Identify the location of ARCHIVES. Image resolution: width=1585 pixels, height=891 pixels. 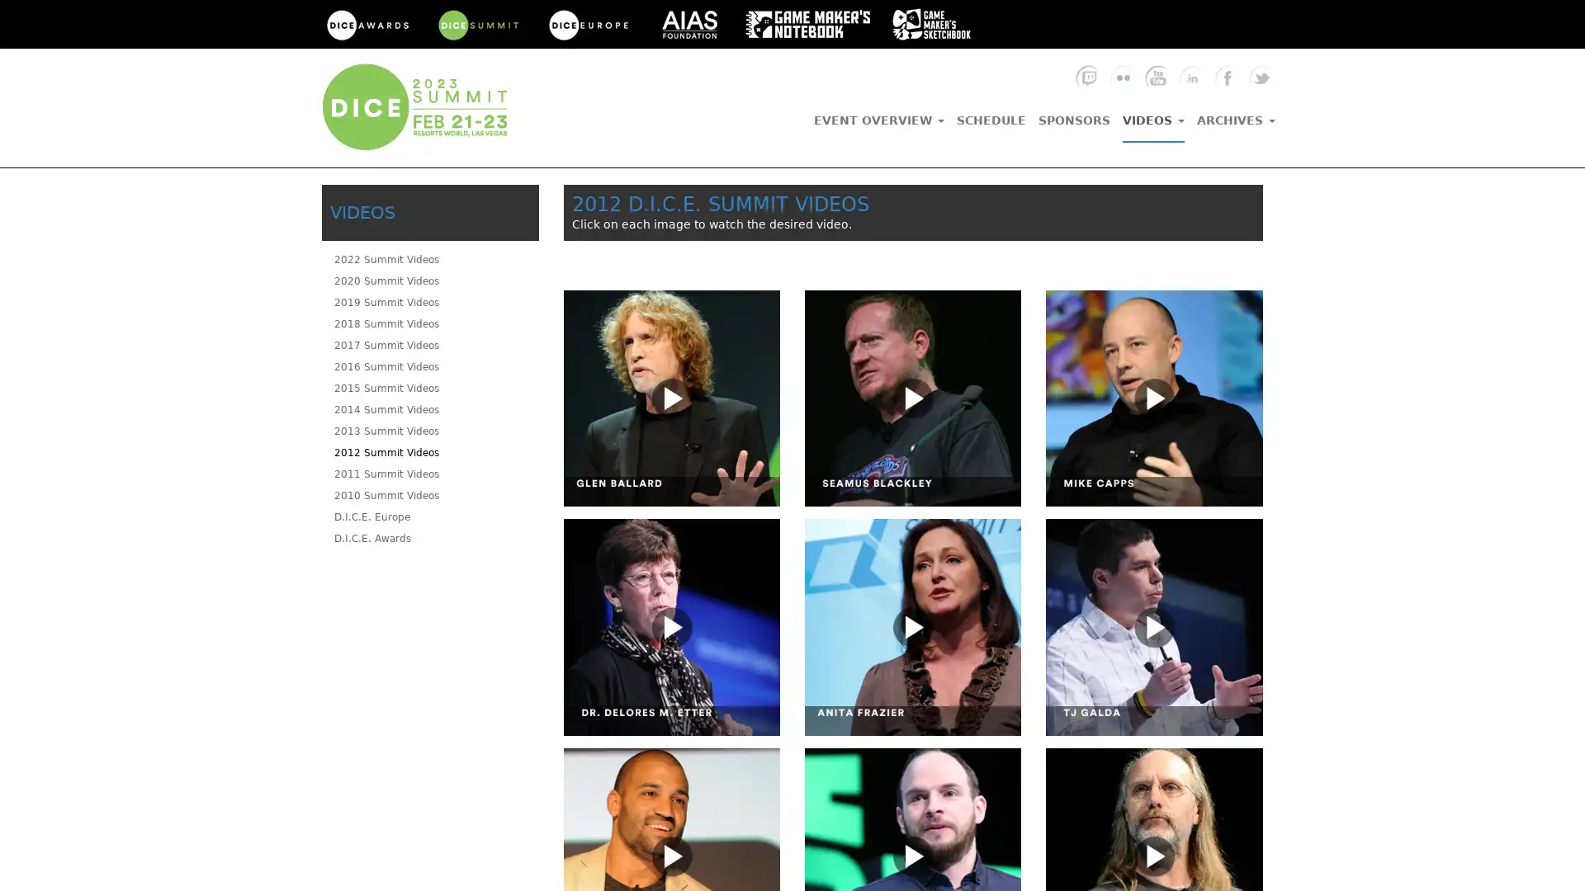
(1236, 120).